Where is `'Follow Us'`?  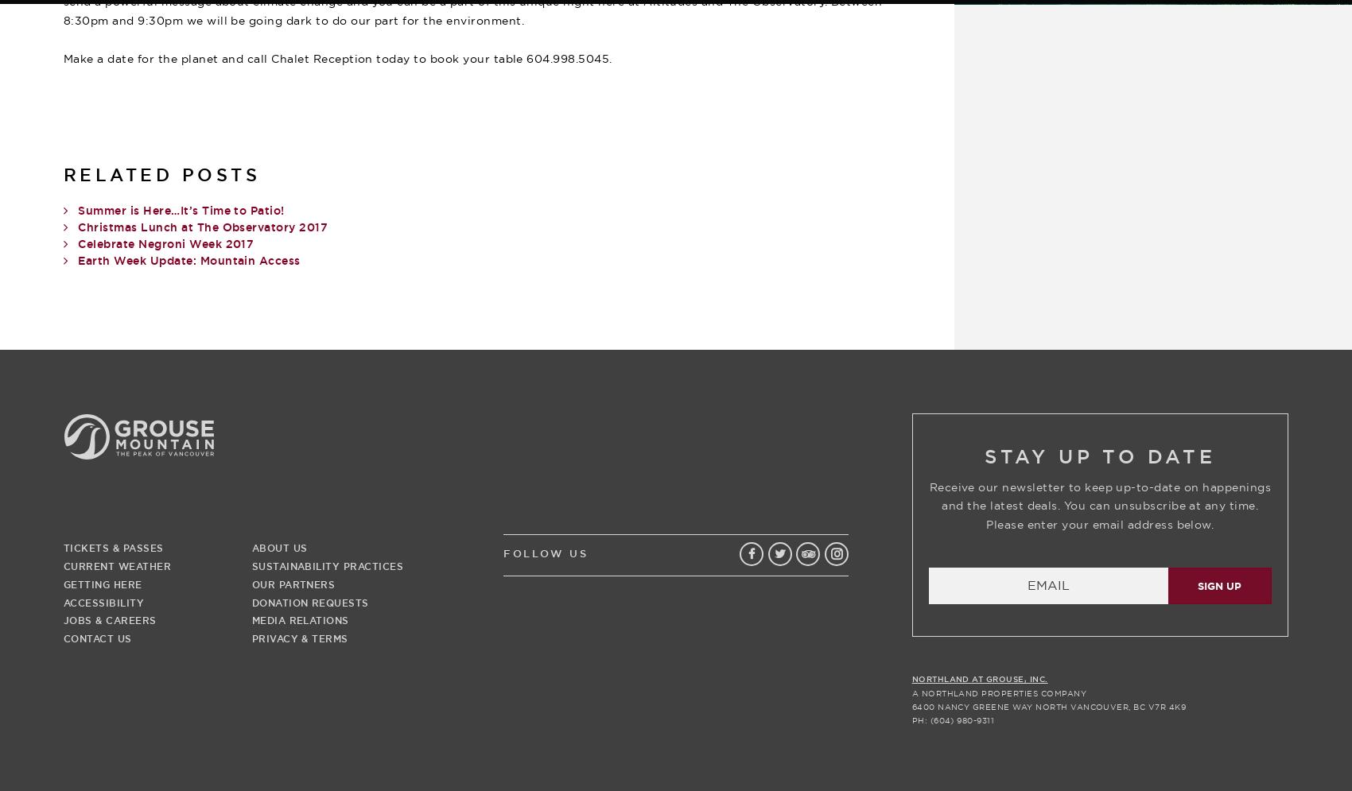 'Follow Us' is located at coordinates (545, 553).